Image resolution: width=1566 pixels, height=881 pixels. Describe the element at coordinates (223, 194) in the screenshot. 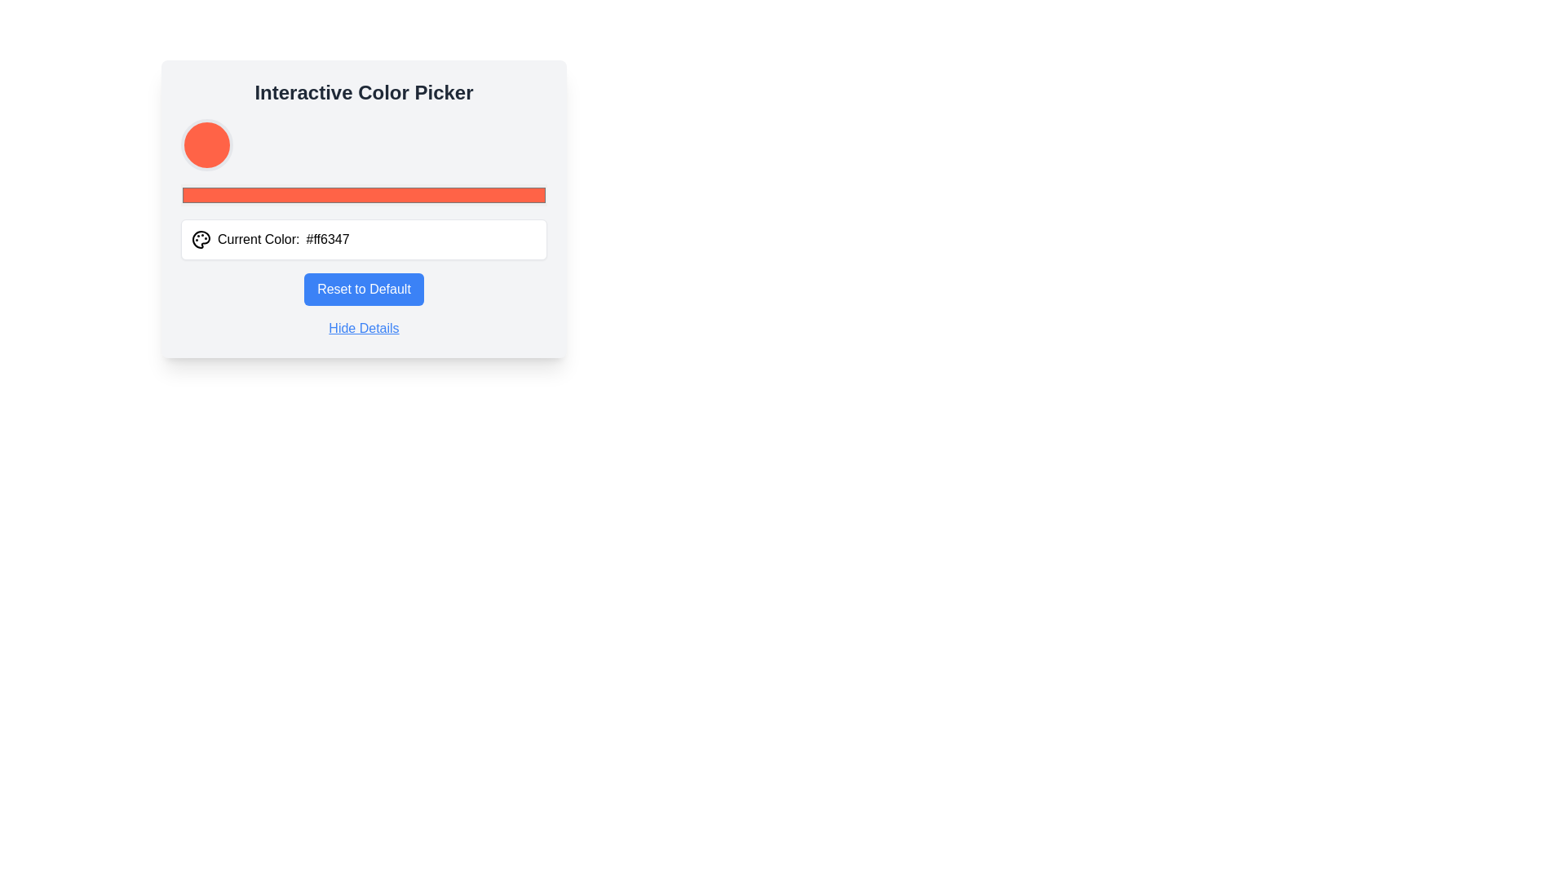

I see `the slider value` at that location.